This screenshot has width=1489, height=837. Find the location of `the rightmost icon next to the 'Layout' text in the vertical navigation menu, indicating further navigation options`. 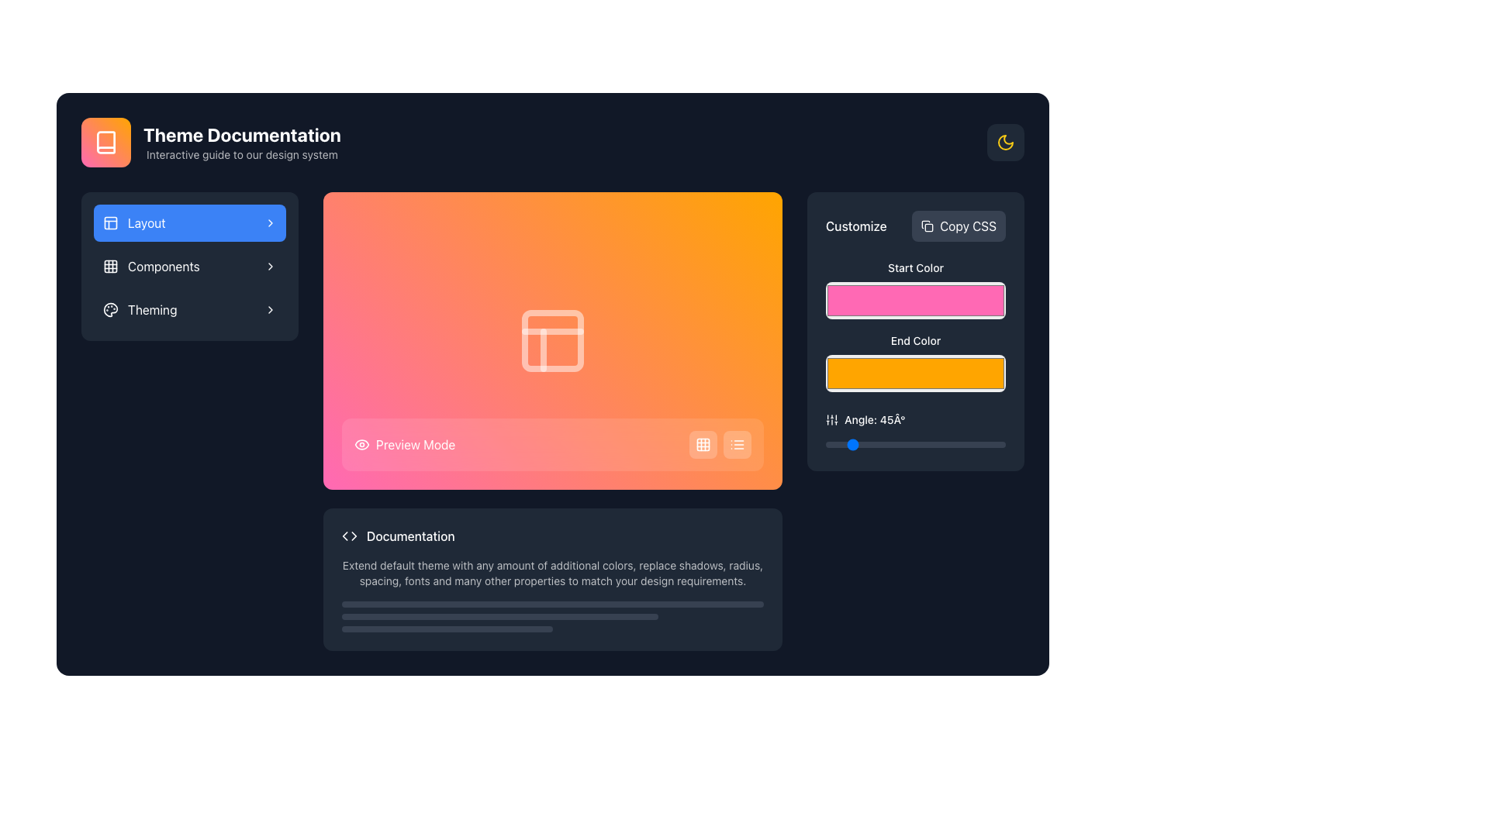

the rightmost icon next to the 'Layout' text in the vertical navigation menu, indicating further navigation options is located at coordinates (271, 223).